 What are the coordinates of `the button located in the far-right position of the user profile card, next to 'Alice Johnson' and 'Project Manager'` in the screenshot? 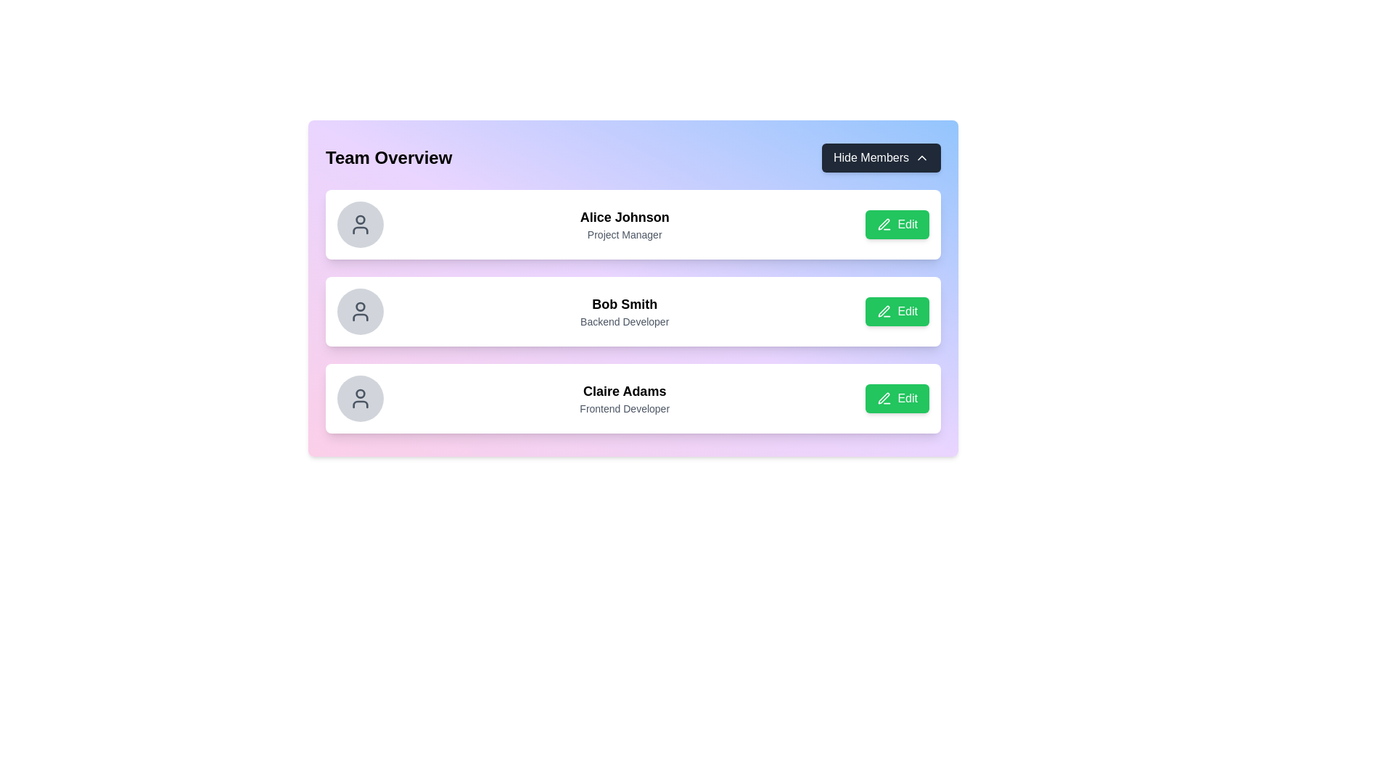 It's located at (897, 224).